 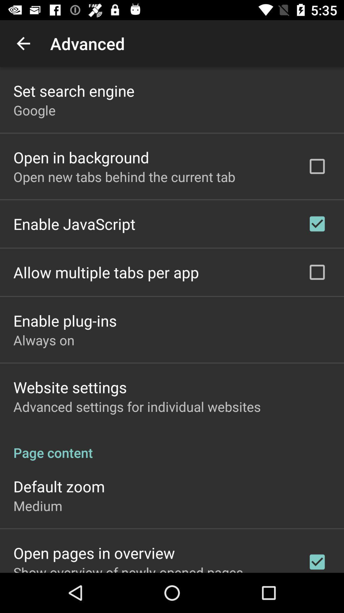 I want to click on the item above default zoom app, so click(x=172, y=445).